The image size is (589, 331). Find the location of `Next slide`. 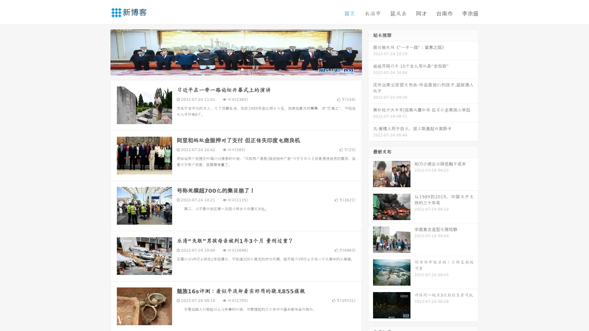

Next slide is located at coordinates (371, 51).